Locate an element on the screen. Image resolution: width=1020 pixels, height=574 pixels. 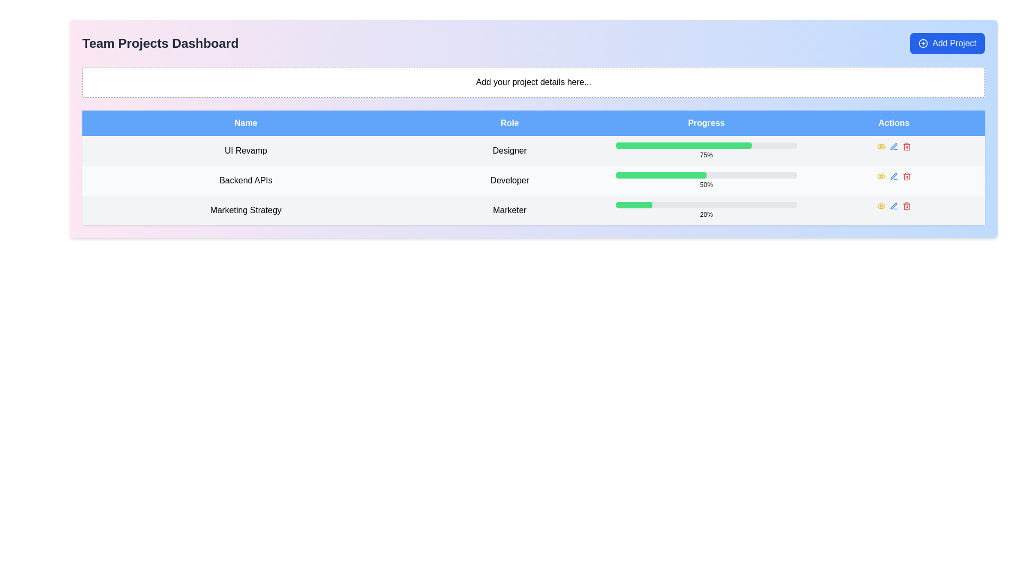
the blue pencil icon button in the 'Actions' column of the second row in the data table to initiate an edit action is located at coordinates (893, 175).